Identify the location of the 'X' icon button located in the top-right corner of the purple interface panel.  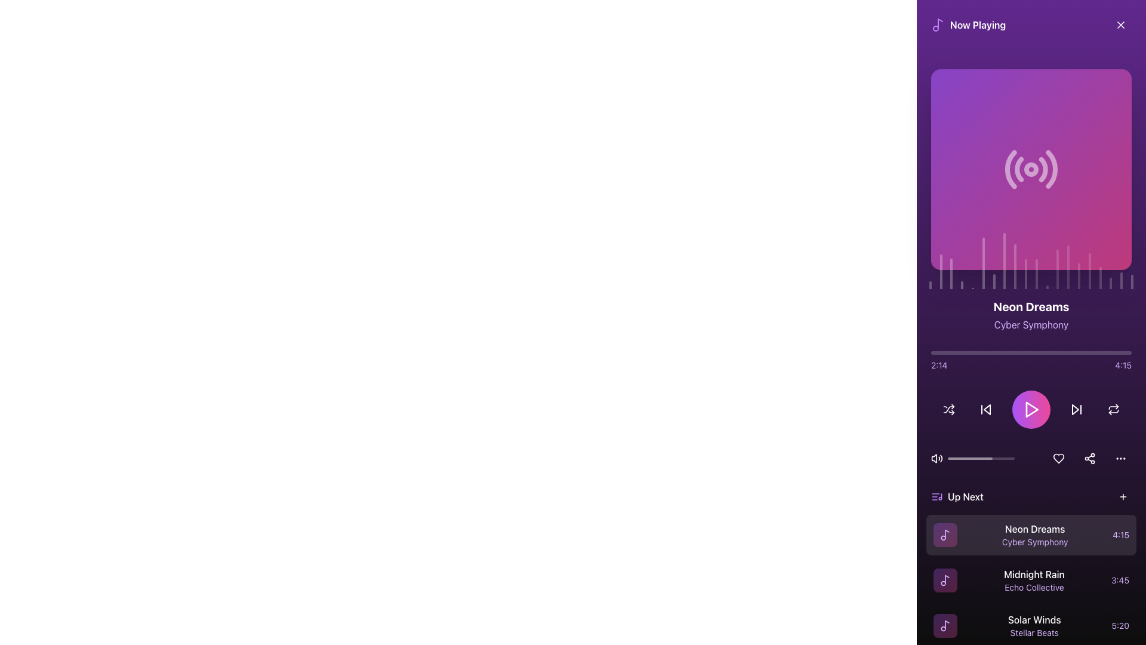
(1120, 25).